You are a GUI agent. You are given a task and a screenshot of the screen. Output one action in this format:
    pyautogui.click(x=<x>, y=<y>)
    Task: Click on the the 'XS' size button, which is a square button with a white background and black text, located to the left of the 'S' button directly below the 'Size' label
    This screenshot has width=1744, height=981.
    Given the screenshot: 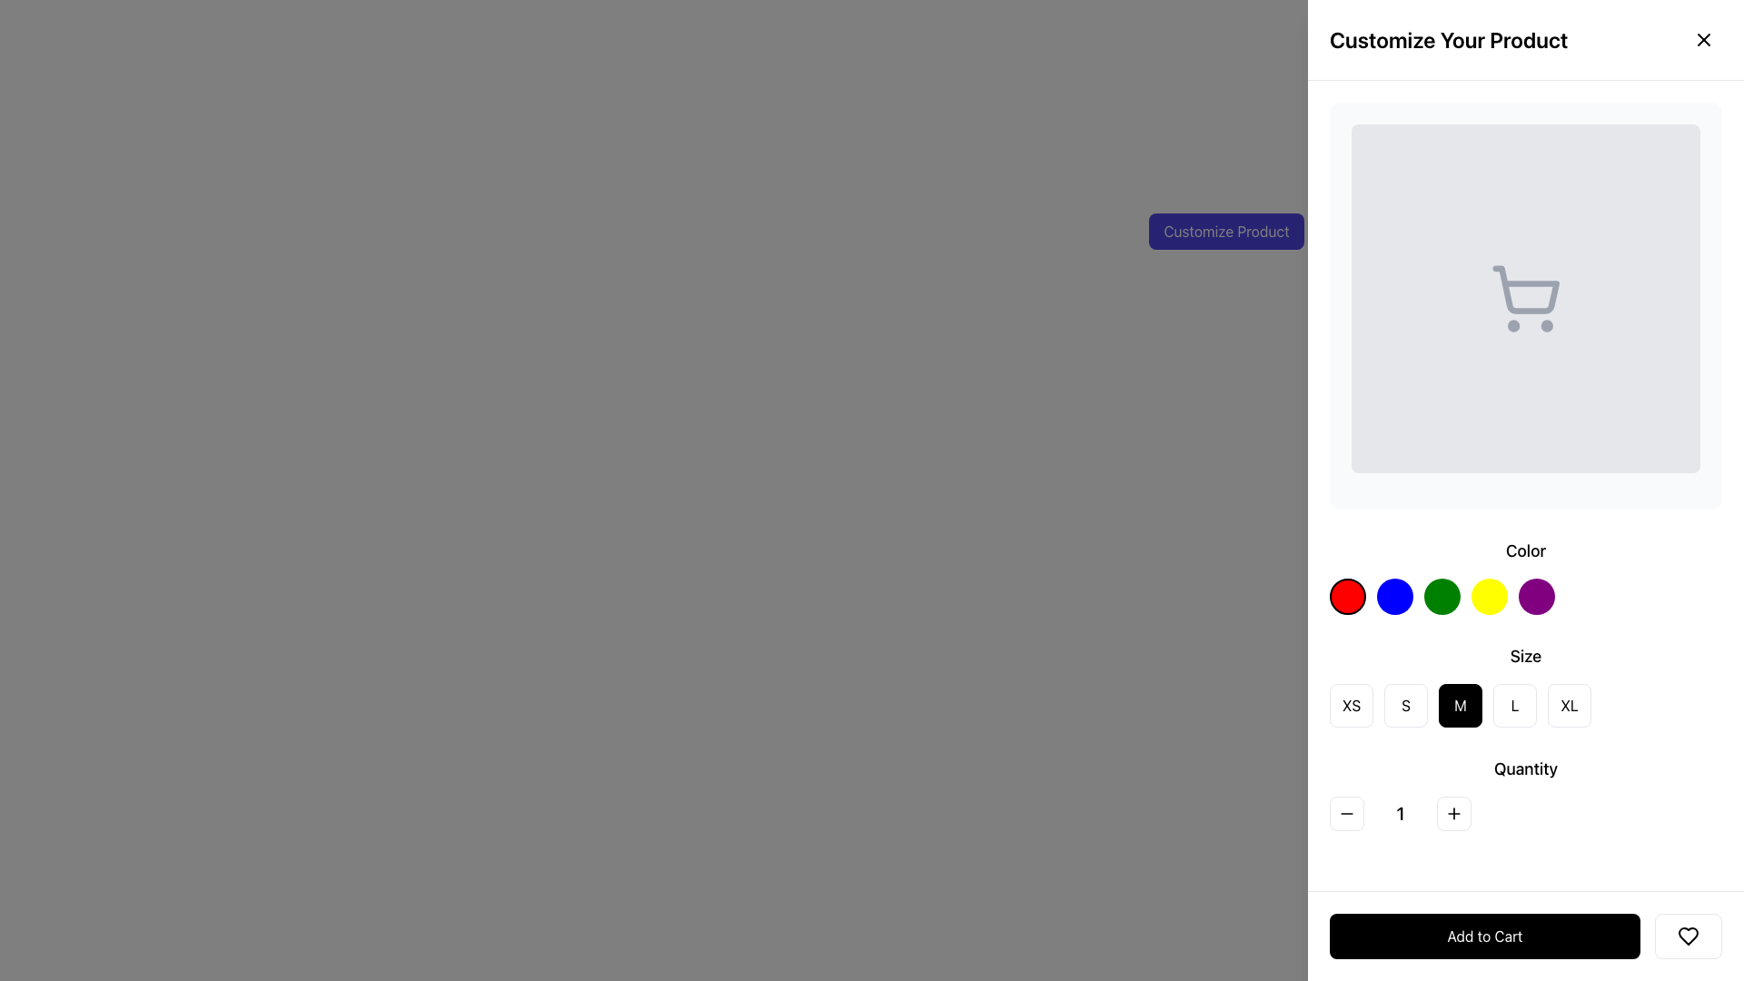 What is the action you would take?
    pyautogui.click(x=1352, y=704)
    